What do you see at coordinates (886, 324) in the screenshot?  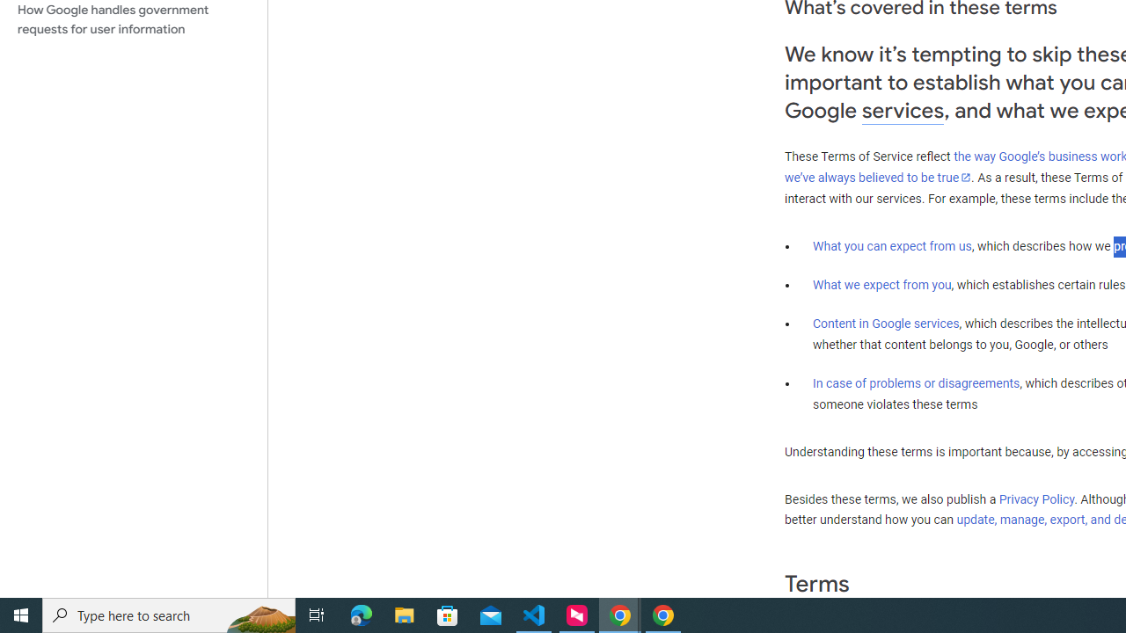 I see `'Content in Google services'` at bounding box center [886, 324].